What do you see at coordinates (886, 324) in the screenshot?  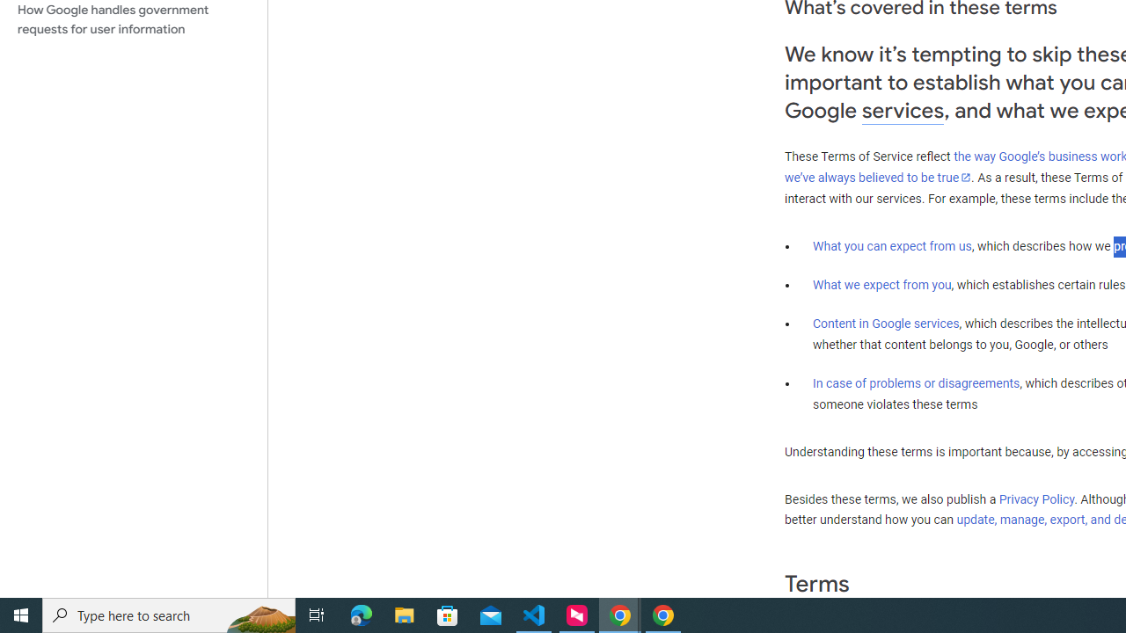 I see `'Content in Google services'` at bounding box center [886, 324].